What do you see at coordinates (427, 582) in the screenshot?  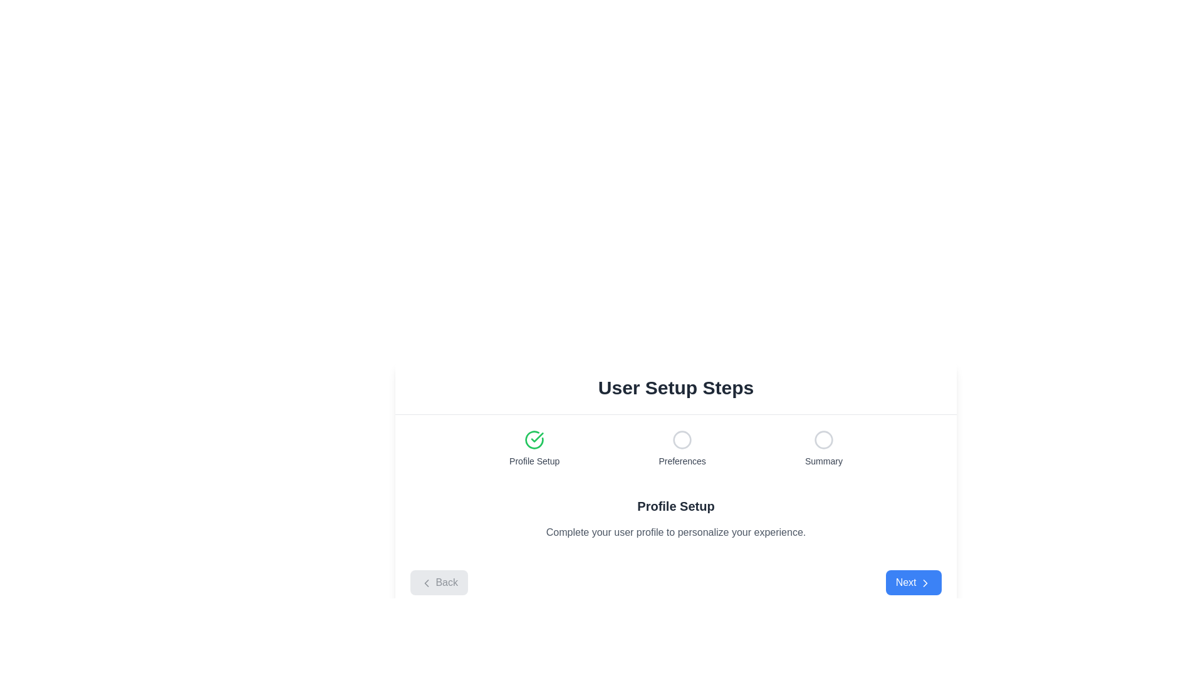 I see `the Chevron icon within the 'Back' button, located at the bottom-left corner of the interface` at bounding box center [427, 582].